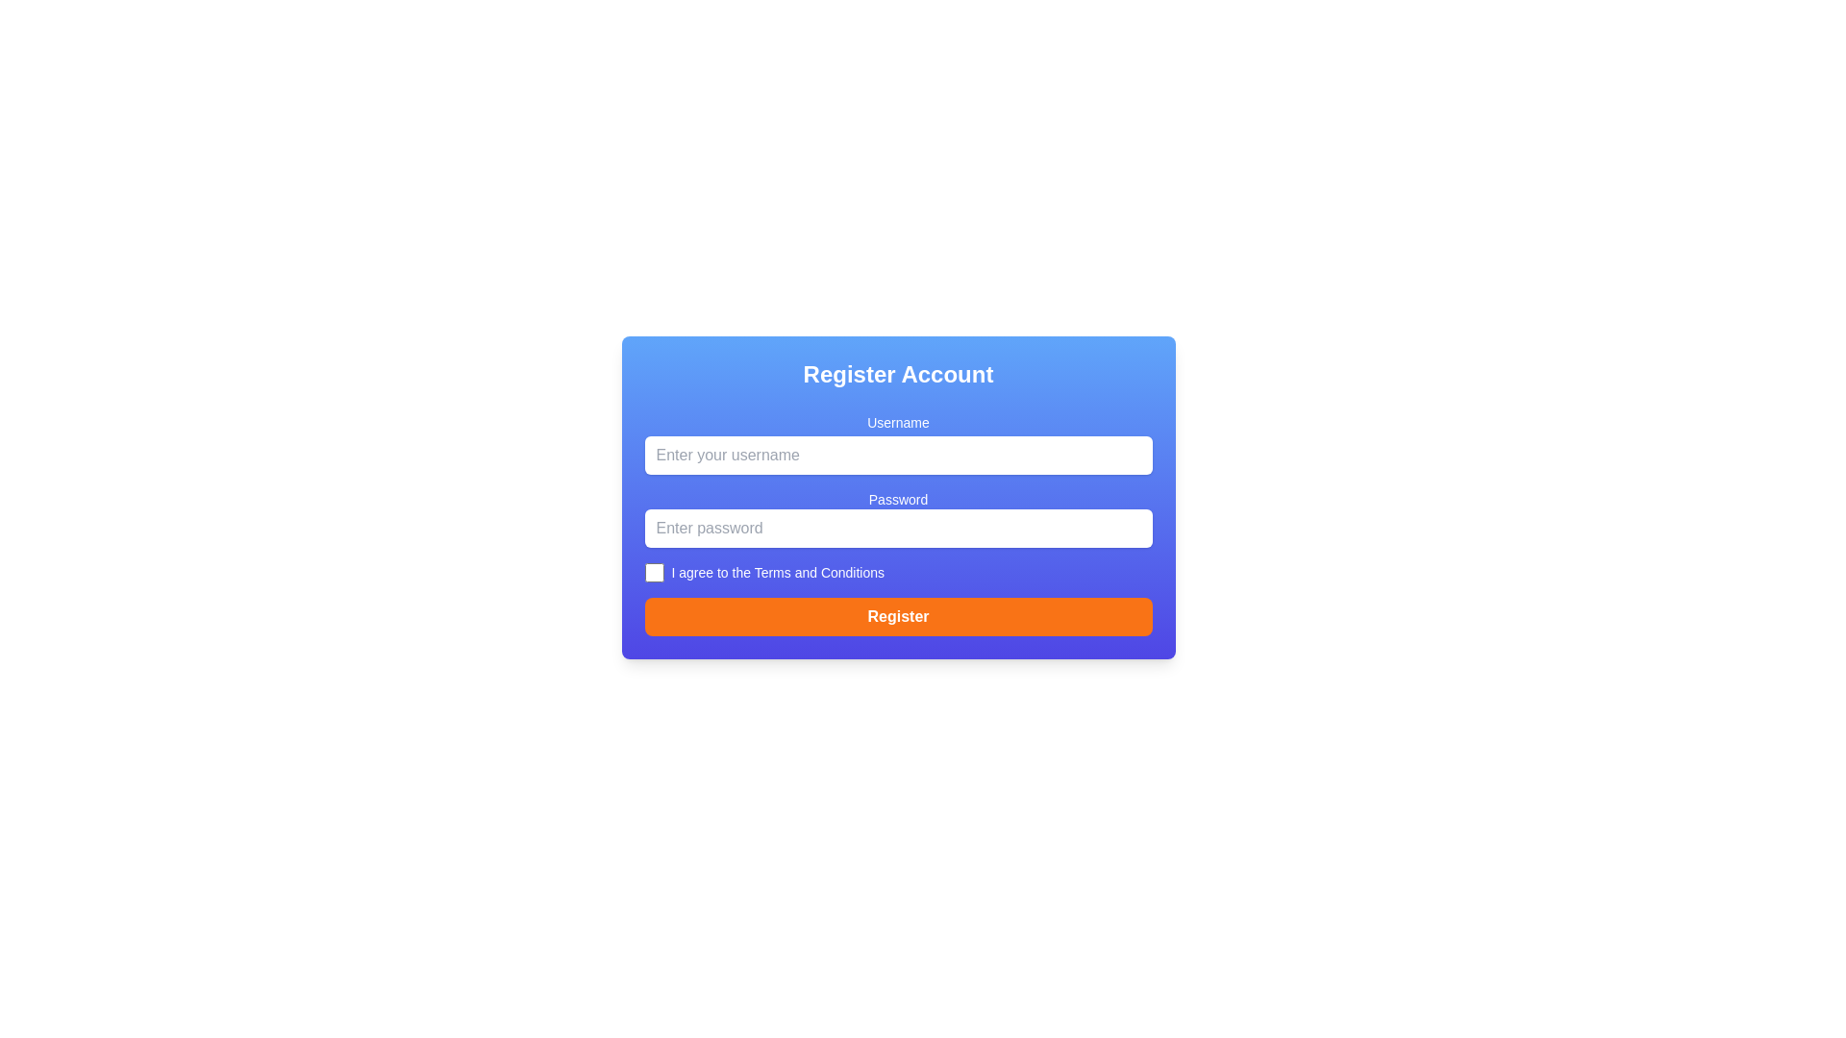  I want to click on the checkbox styled with a square shape and rounded corners, located in front of the text 'I agree to the Terms and Conditions', so click(654, 572).